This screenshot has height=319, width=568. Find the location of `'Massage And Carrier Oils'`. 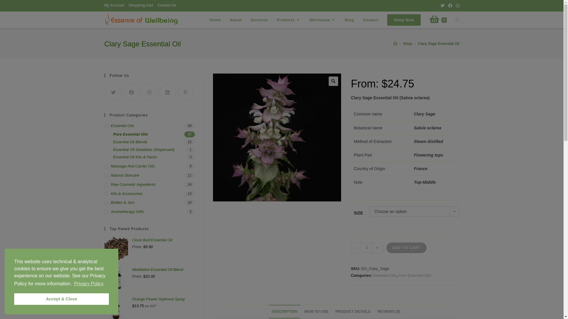

'Massage And Carrier Oils' is located at coordinates (104, 166).